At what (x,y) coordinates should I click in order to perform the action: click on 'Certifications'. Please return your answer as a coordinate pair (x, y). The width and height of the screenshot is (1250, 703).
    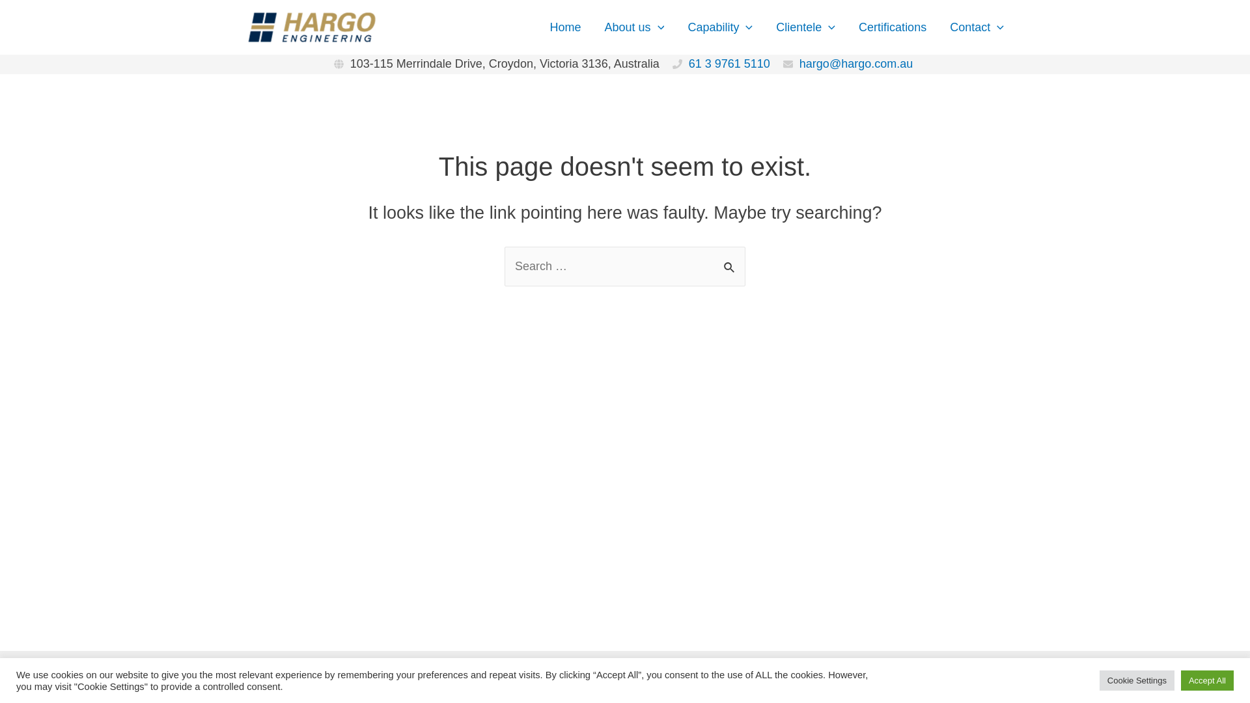
    Looking at the image, I should click on (892, 27).